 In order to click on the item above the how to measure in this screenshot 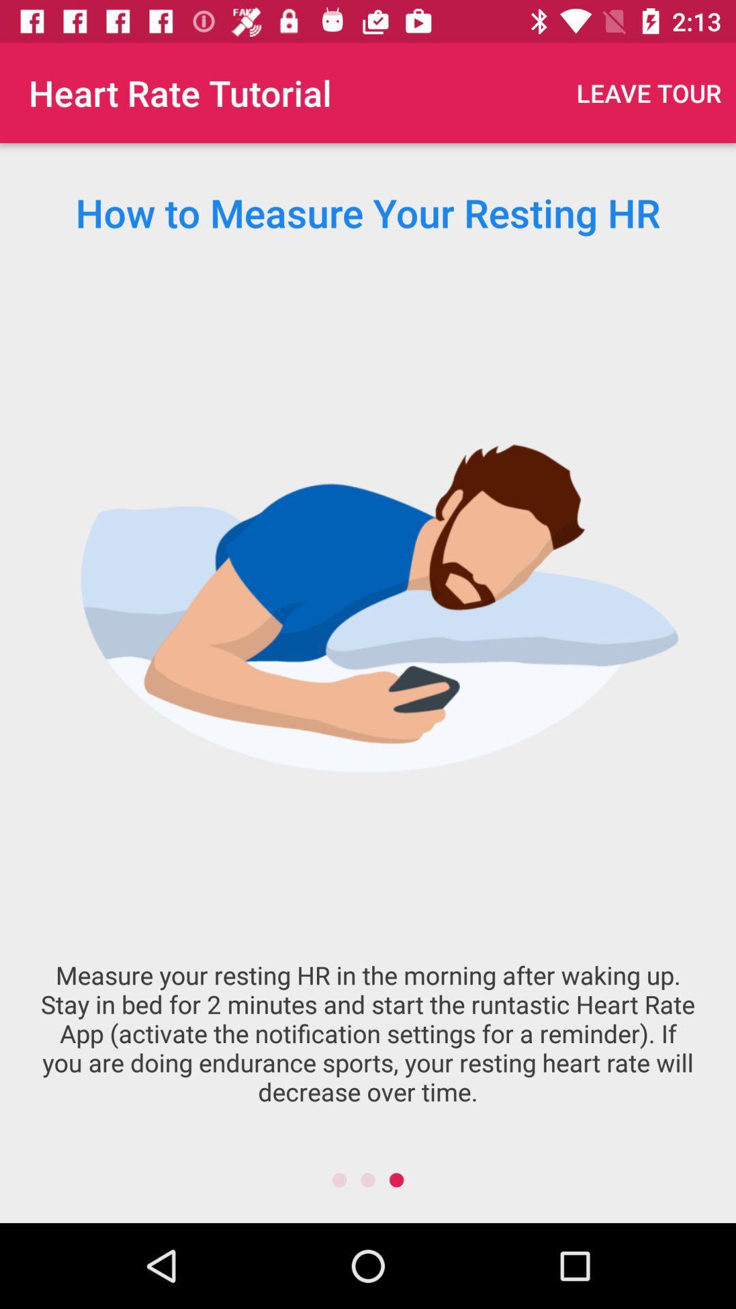, I will do `click(648, 92)`.